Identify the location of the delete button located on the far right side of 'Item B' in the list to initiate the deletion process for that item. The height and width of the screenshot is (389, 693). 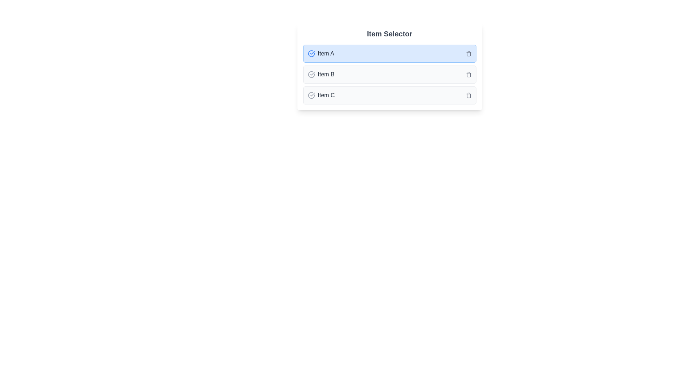
(468, 75).